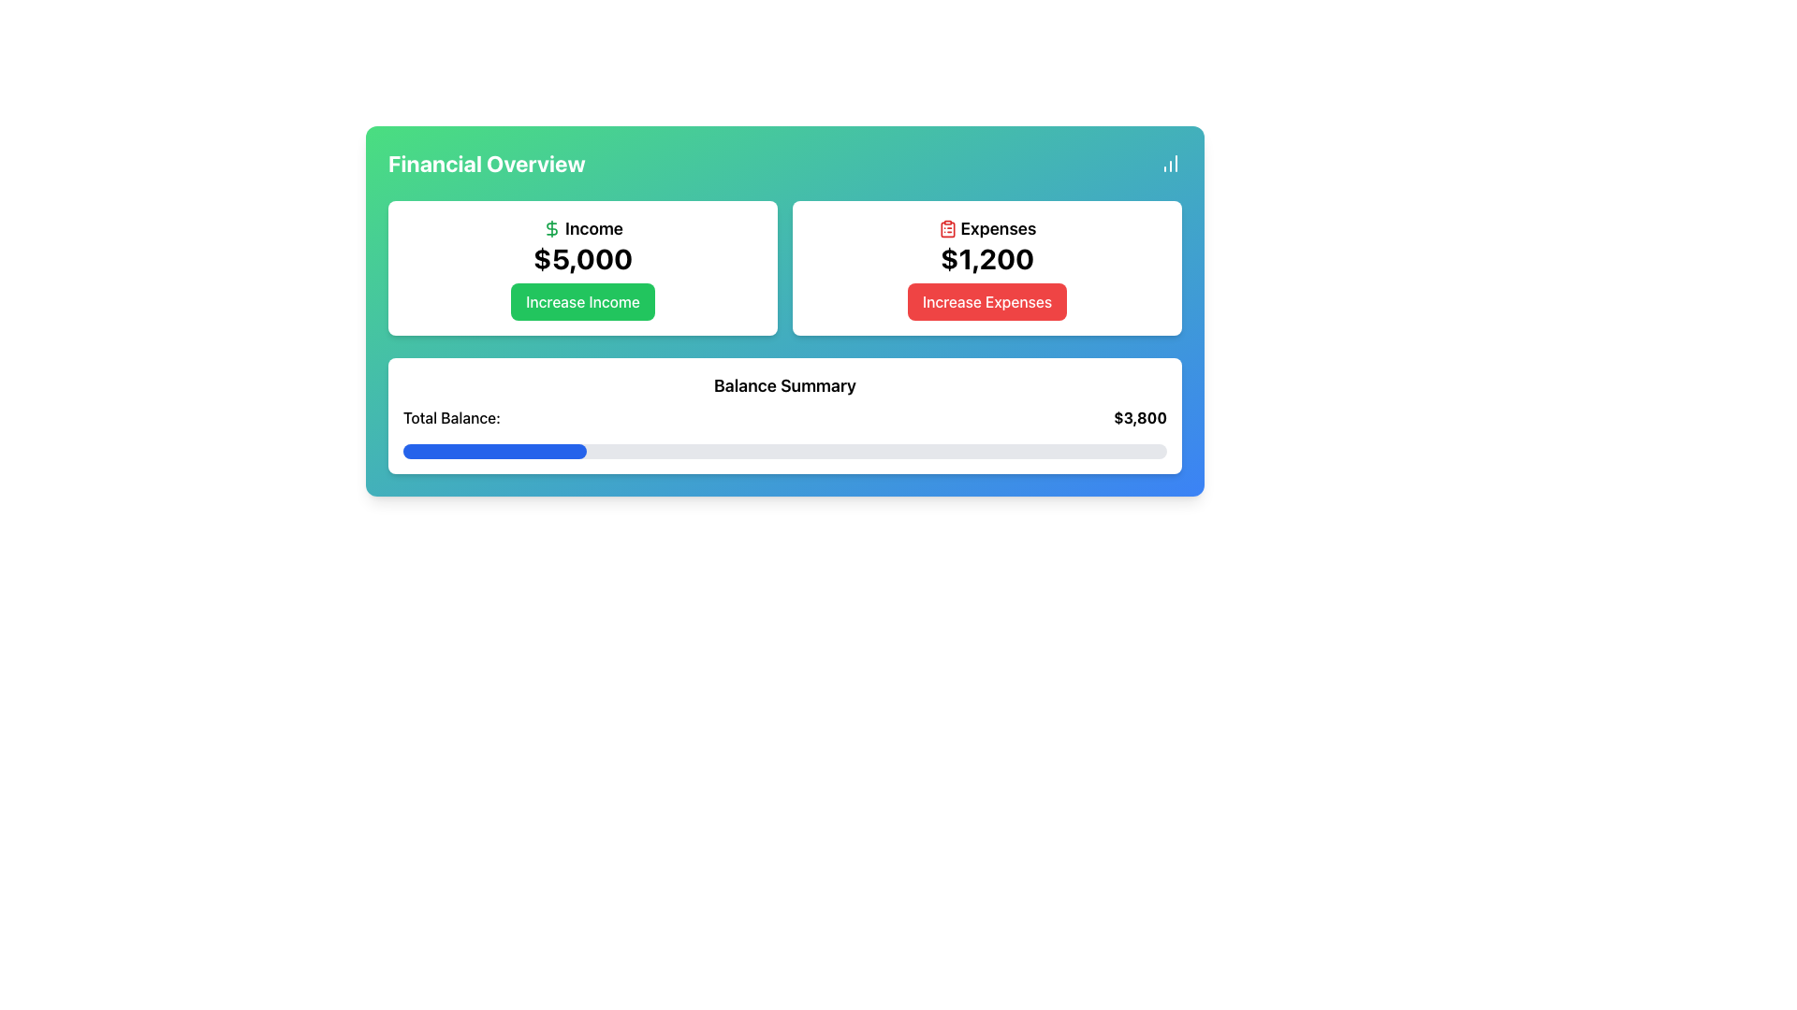 The image size is (1797, 1010). What do you see at coordinates (582, 259) in the screenshot?
I see `the static text displaying the value '$5,000' which is a large, bold label positioned within a white card, located below the 'Income' label and above the 'Increase Income' button` at bounding box center [582, 259].